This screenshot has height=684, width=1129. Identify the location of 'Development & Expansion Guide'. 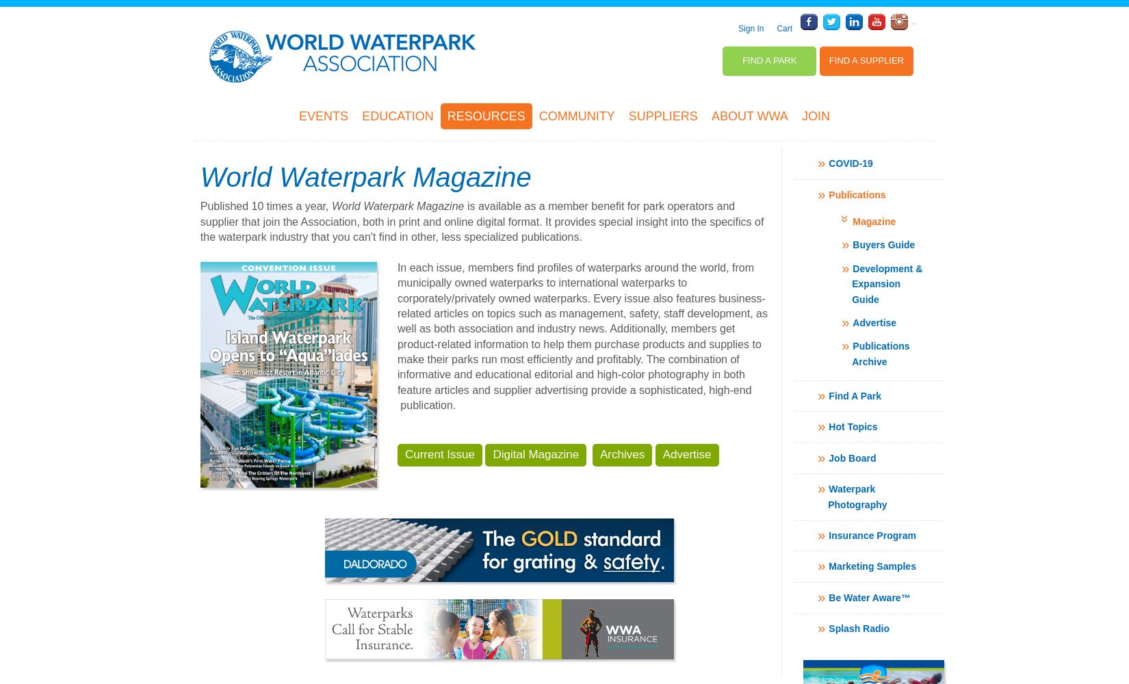
(886, 283).